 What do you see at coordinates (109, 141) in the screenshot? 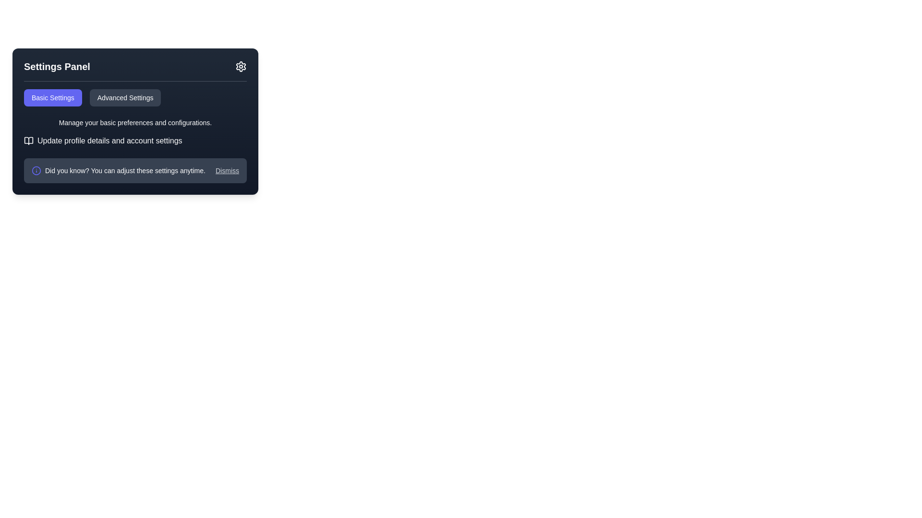
I see `the static text label that provides guidance about accessing profile and account settings within the 'Settings Panel' interface` at bounding box center [109, 141].